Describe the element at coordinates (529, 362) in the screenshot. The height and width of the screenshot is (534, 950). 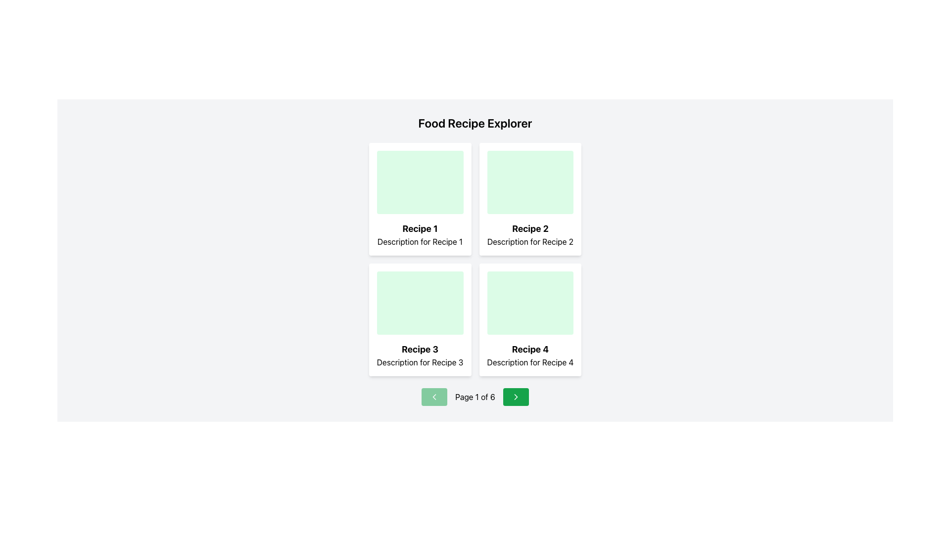
I see `static text label providing additional information about 'Recipe 4', located in the bottom section of the card in the fourth column of the second row` at that location.